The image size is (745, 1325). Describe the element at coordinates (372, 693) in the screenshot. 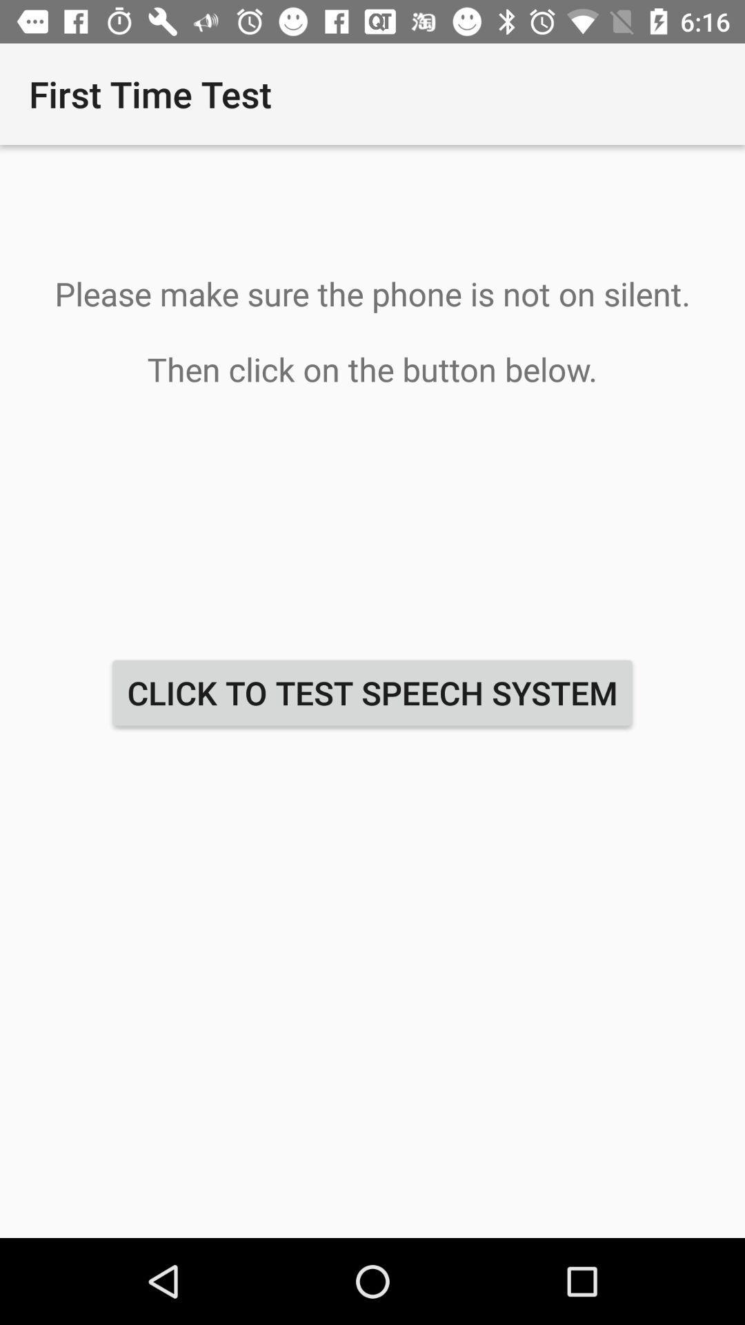

I see `the click to test` at that location.